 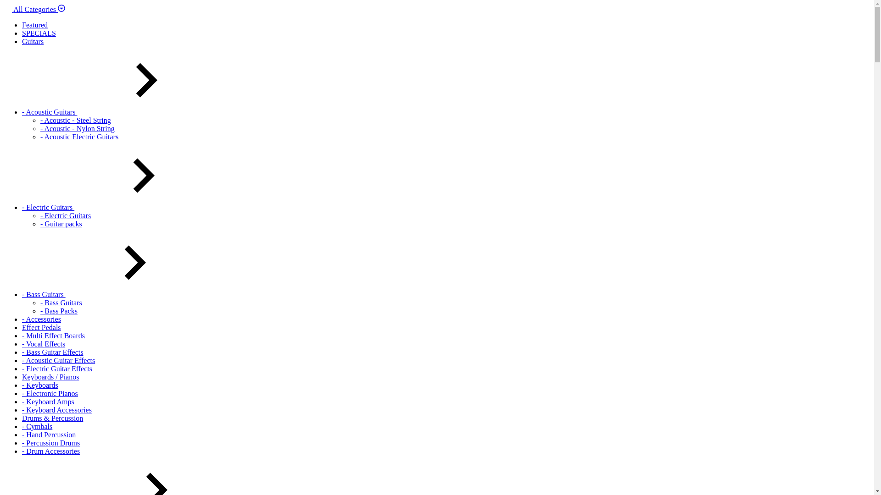 I want to click on '- Guitar packs', so click(x=61, y=224).